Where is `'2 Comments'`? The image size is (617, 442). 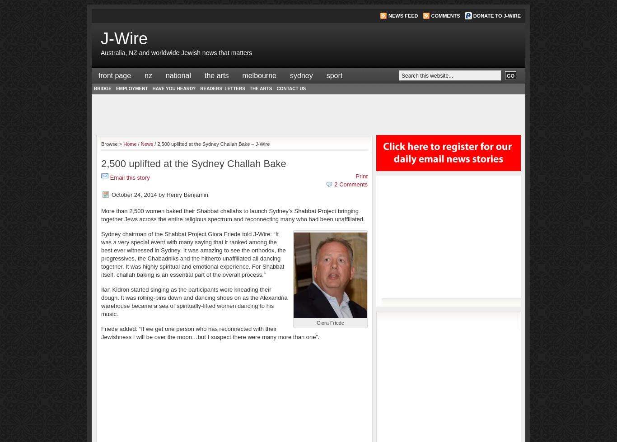
'2 Comments' is located at coordinates (351, 184).